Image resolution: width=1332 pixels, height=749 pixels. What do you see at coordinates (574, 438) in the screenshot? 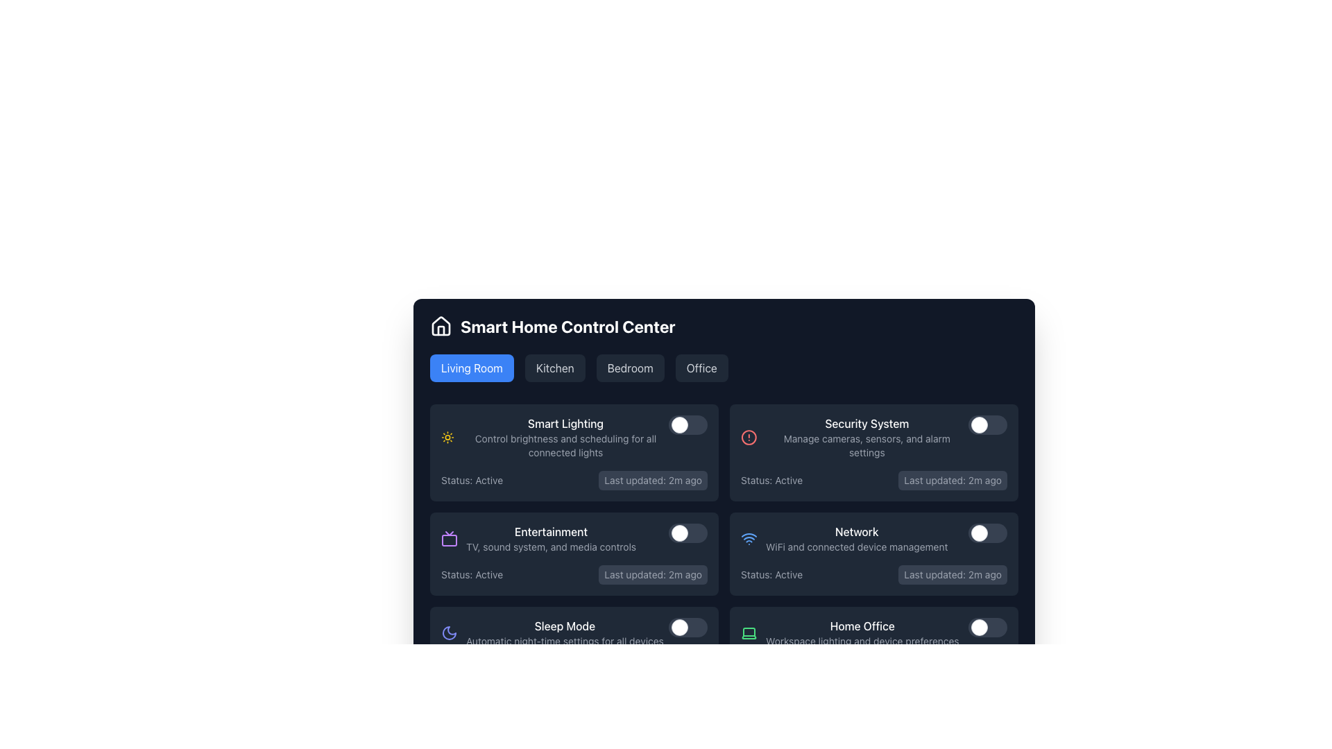
I see `information text from the Informational widget with integrated toggle switch for system control located in the Living Room section of the Smart Home Control Center interface` at bounding box center [574, 438].